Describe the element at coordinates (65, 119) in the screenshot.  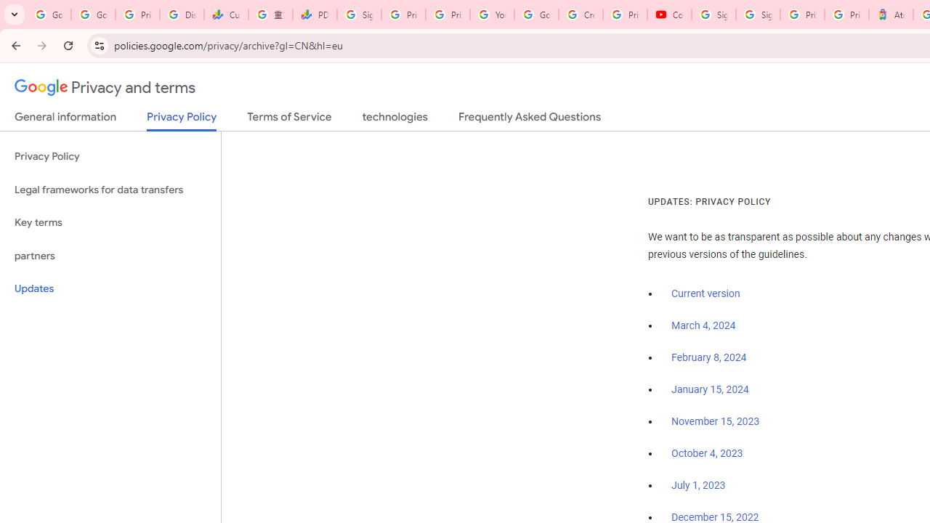
I see `'General information'` at that location.